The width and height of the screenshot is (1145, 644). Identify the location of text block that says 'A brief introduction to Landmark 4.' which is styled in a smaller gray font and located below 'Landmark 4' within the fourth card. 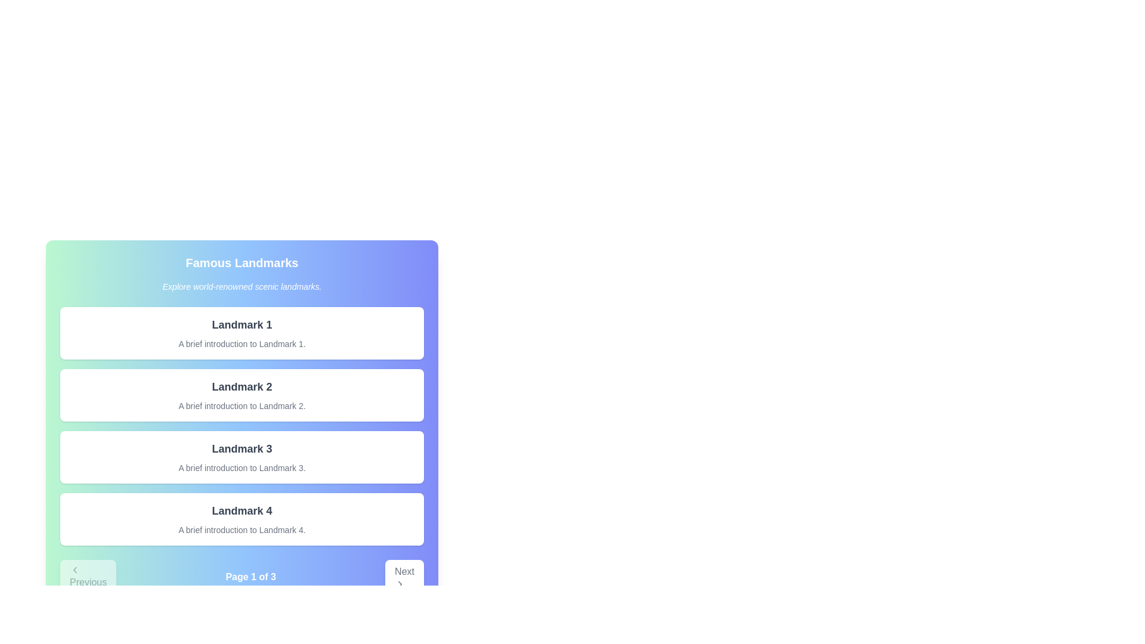
(242, 529).